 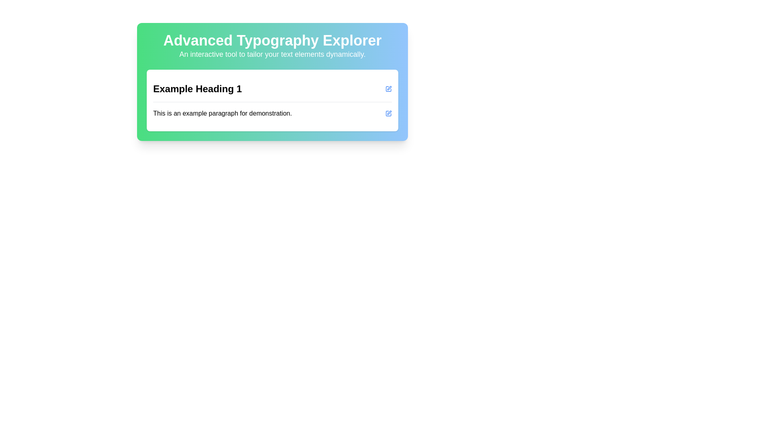 What do you see at coordinates (389, 89) in the screenshot?
I see `the blue pencil icon button located near the top-right corner of the section containing 'Example Heading 1'` at bounding box center [389, 89].